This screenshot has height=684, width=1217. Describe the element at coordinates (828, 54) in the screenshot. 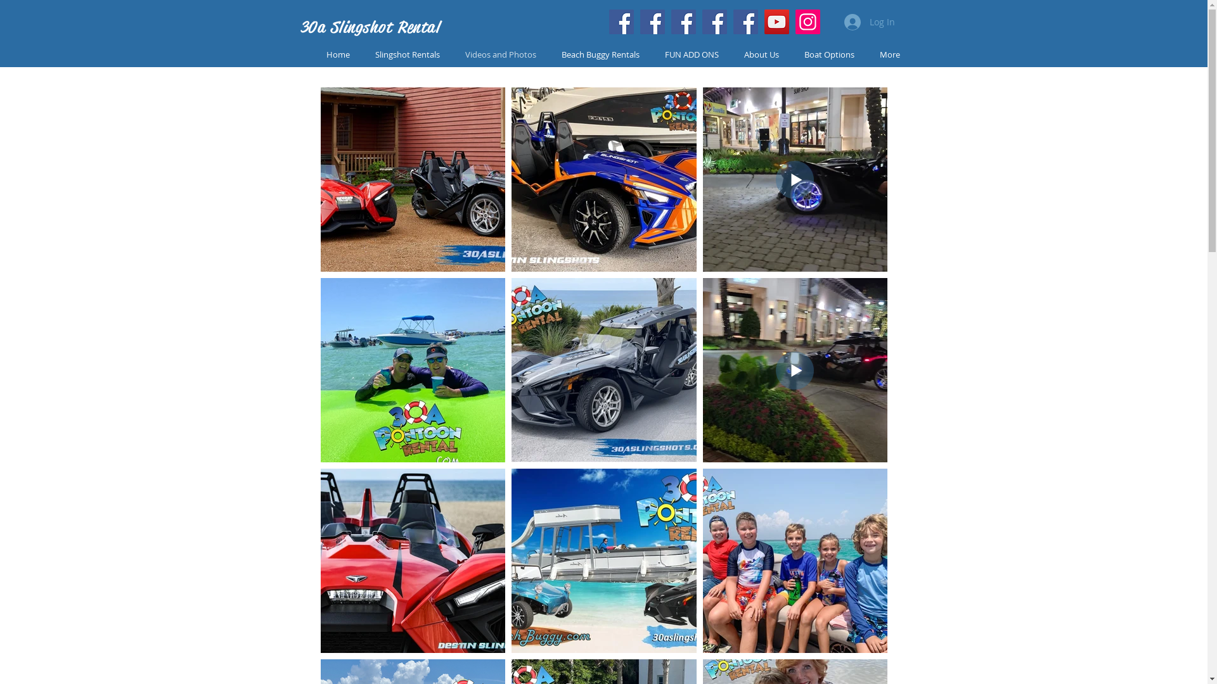

I see `'Boat Options'` at that location.